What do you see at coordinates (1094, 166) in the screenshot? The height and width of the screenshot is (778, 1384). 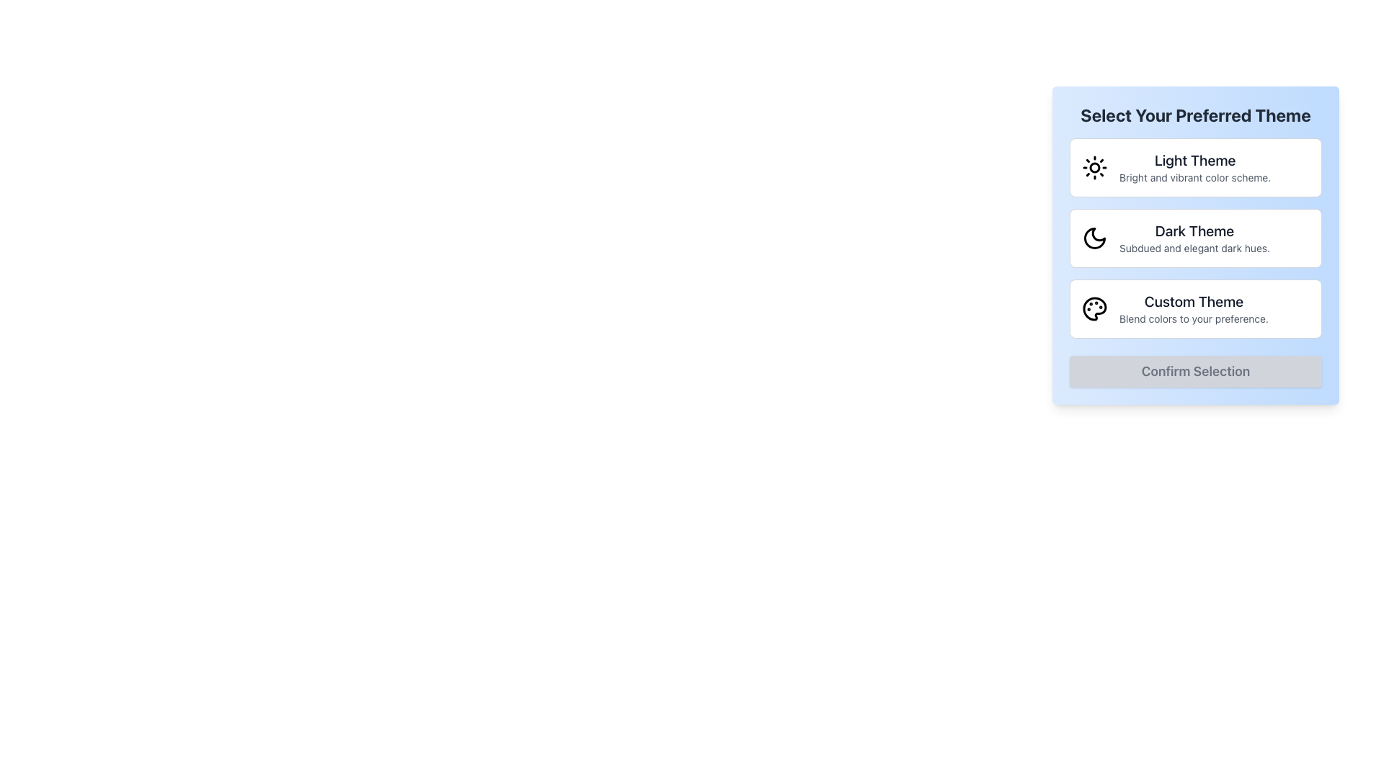 I see `the sun icon located in the top button of a vertical stack of three themed options, which is directly to the left of the 'Light Theme' text` at bounding box center [1094, 166].